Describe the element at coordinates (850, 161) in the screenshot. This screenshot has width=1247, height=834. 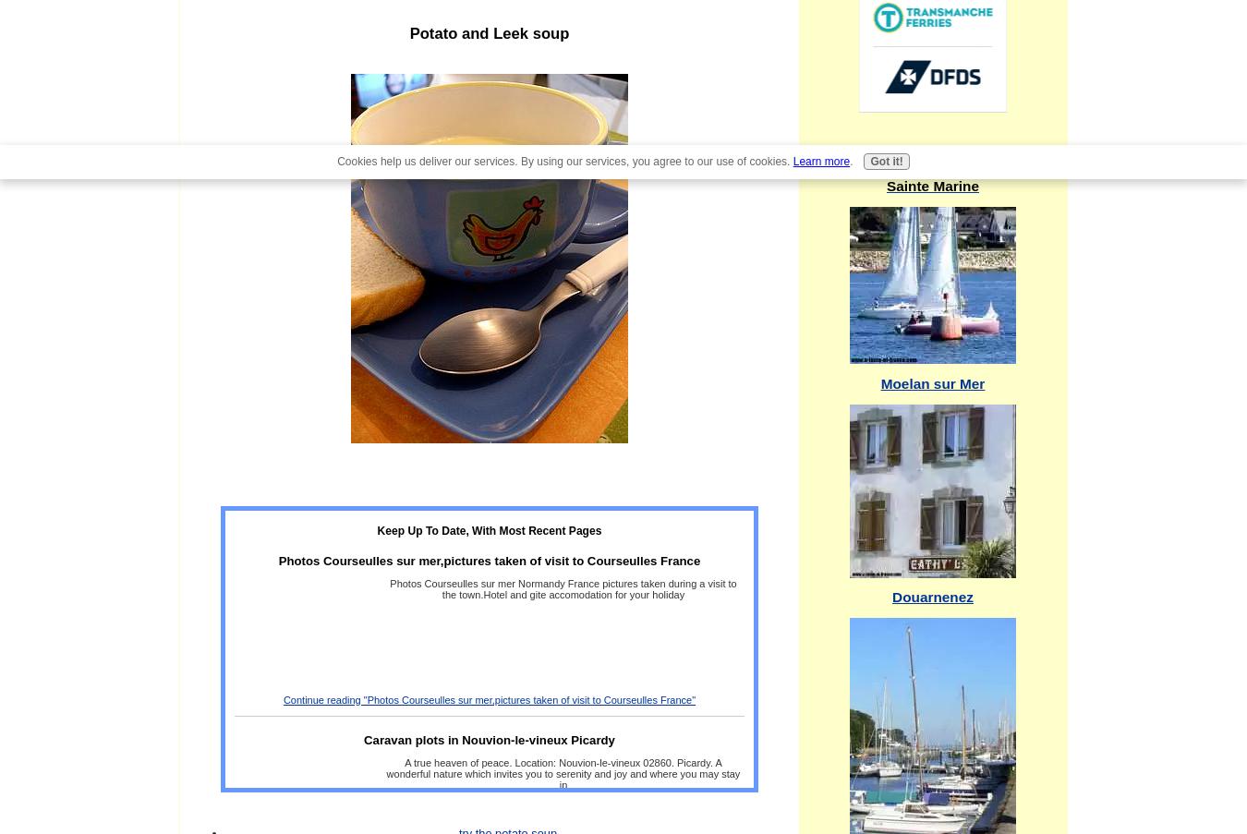
I see `'.'` at that location.